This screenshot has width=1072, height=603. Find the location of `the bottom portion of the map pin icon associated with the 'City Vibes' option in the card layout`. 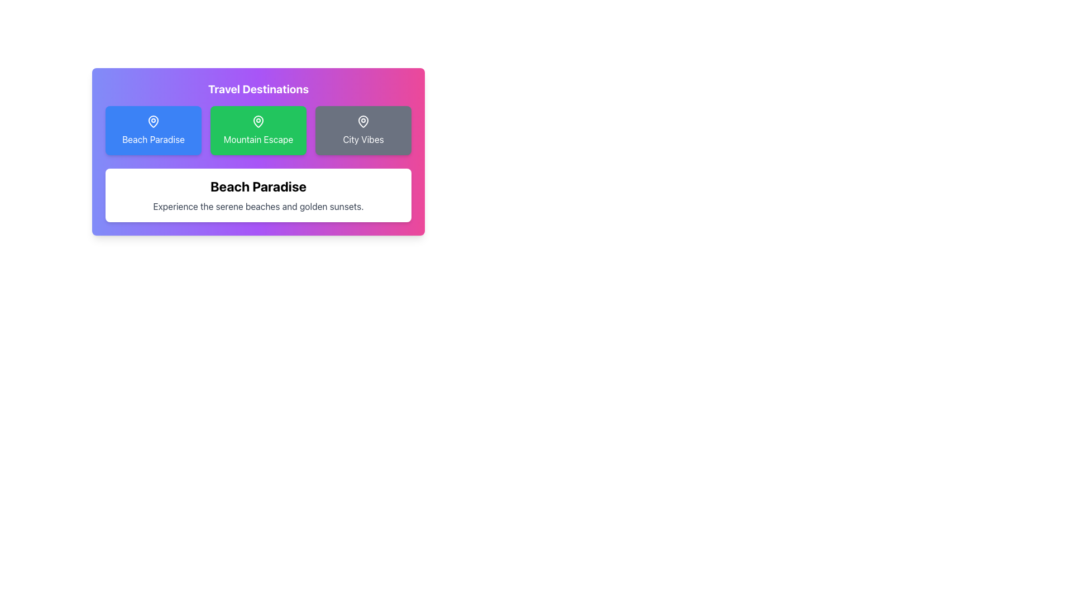

the bottom portion of the map pin icon associated with the 'City Vibes' option in the card layout is located at coordinates (363, 121).